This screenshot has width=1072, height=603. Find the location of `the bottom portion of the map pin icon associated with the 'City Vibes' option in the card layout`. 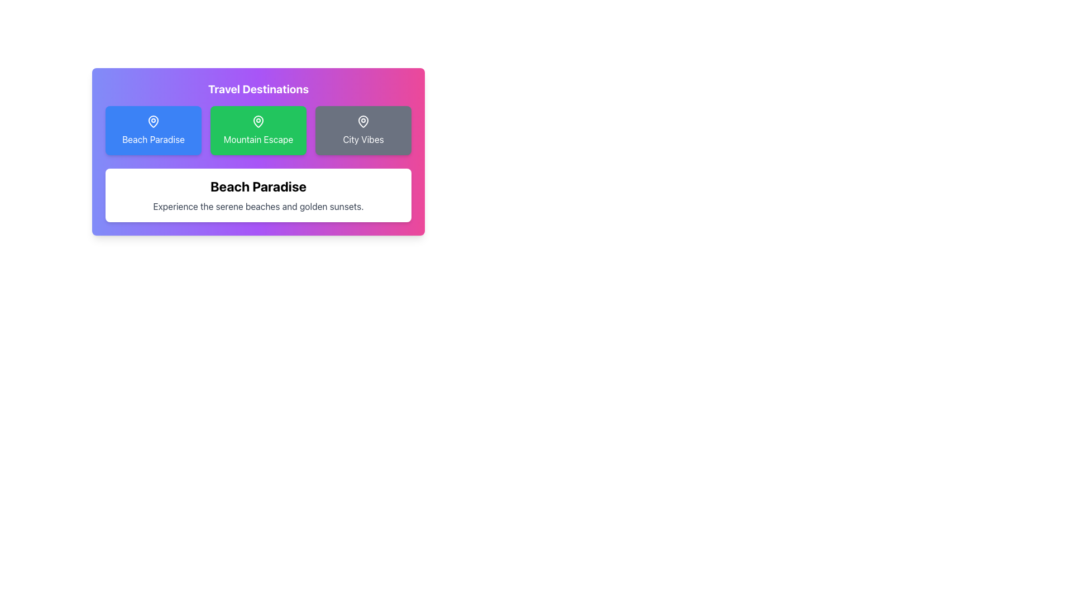

the bottom portion of the map pin icon associated with the 'City Vibes' option in the card layout is located at coordinates (363, 121).